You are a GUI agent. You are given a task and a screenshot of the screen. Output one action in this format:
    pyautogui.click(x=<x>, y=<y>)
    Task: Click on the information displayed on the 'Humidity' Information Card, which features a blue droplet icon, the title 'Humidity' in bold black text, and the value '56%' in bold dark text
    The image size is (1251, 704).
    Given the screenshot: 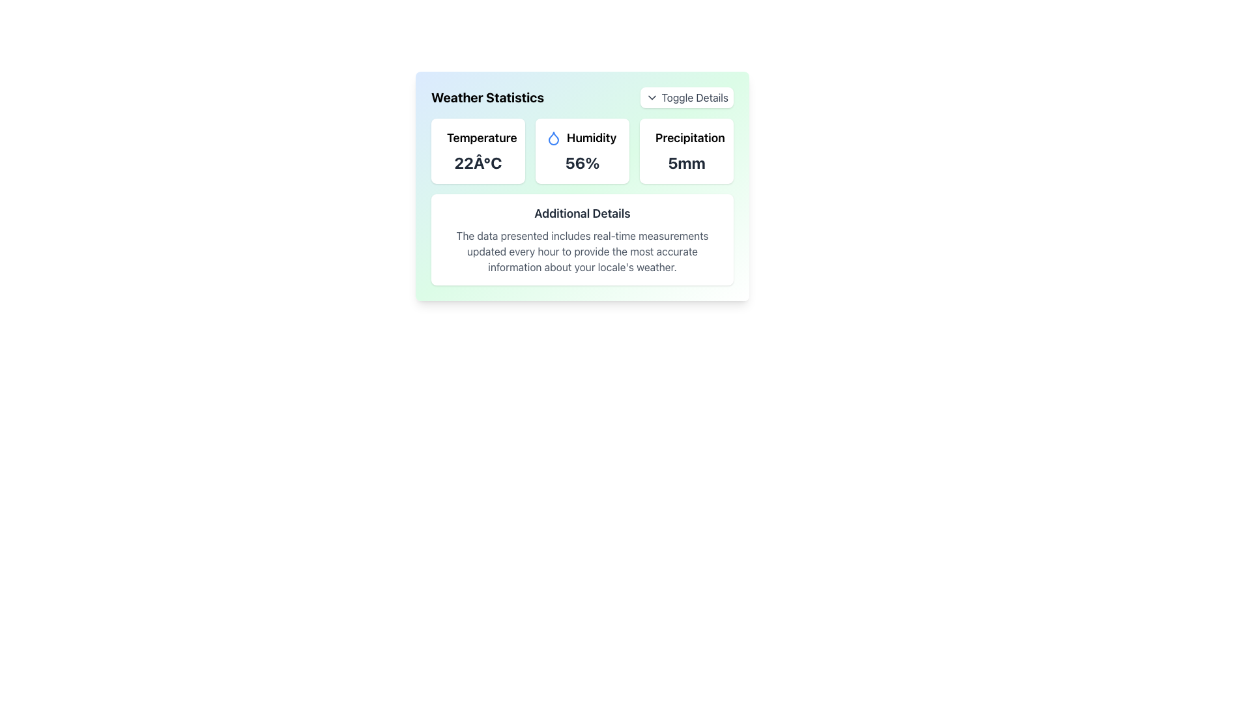 What is the action you would take?
    pyautogui.click(x=581, y=150)
    